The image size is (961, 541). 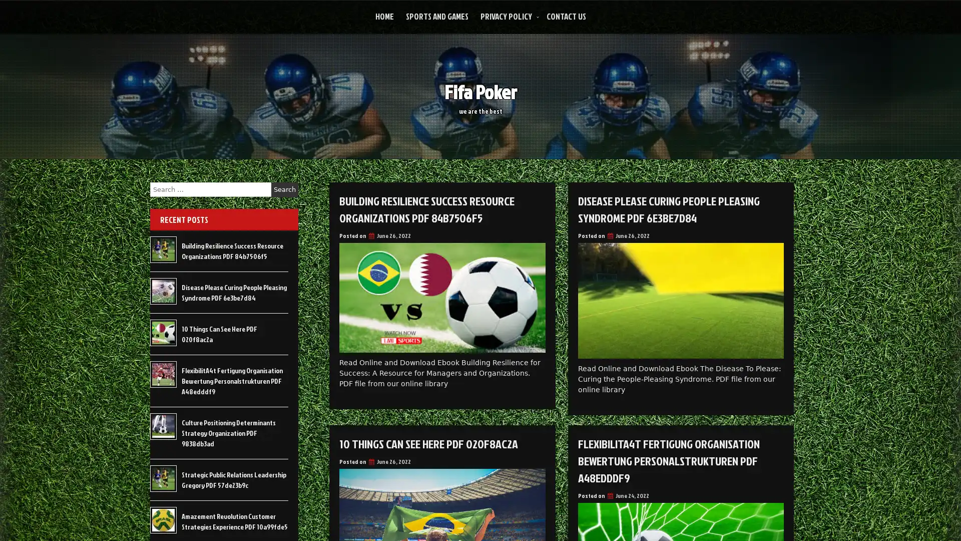 I want to click on Search, so click(x=284, y=189).